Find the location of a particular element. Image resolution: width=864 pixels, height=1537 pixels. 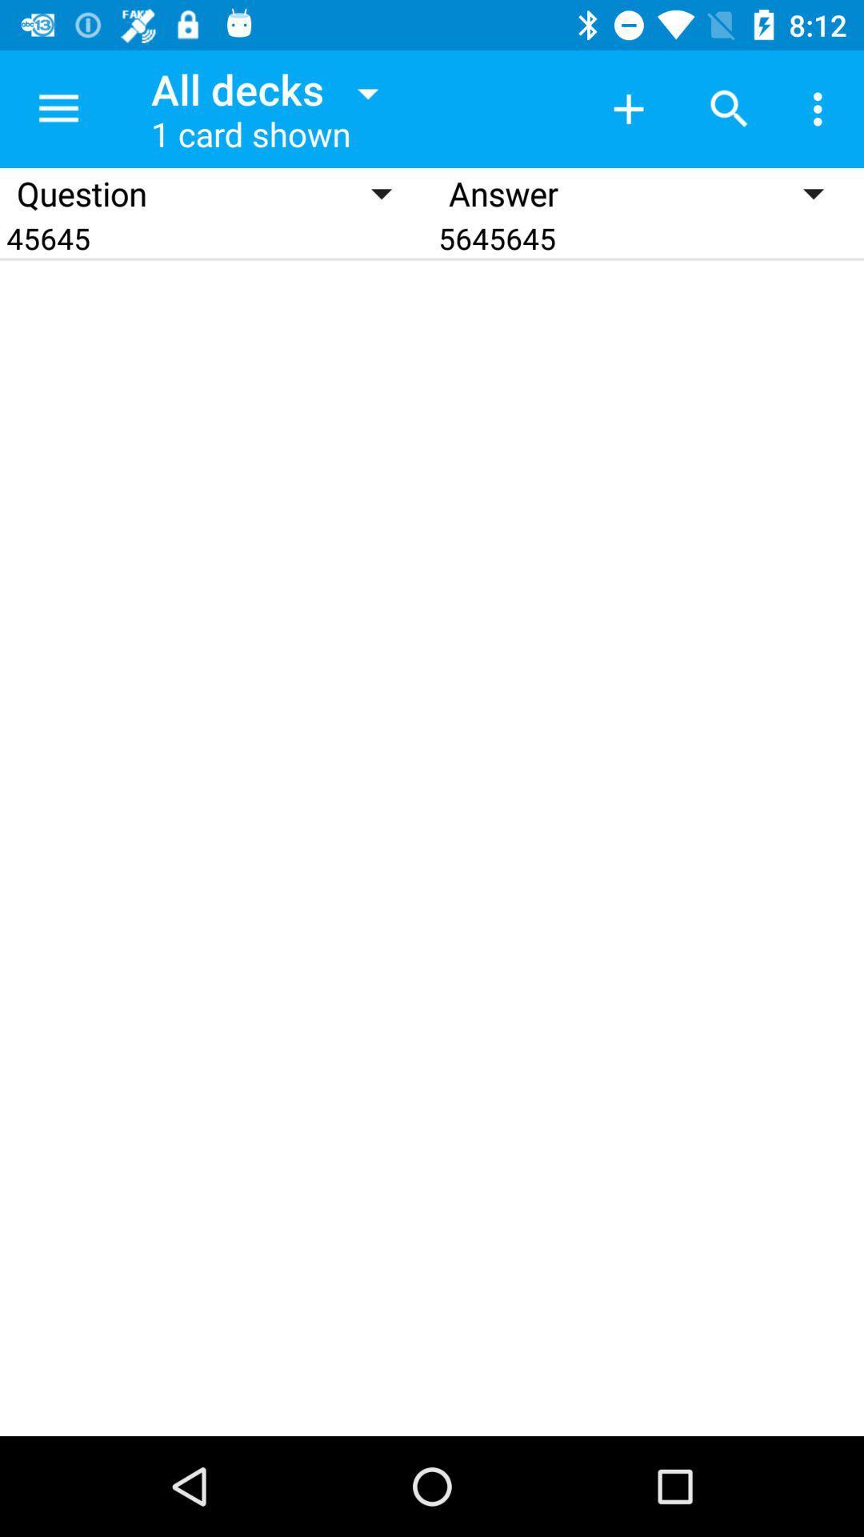

the 5645645 item is located at coordinates (648, 237).